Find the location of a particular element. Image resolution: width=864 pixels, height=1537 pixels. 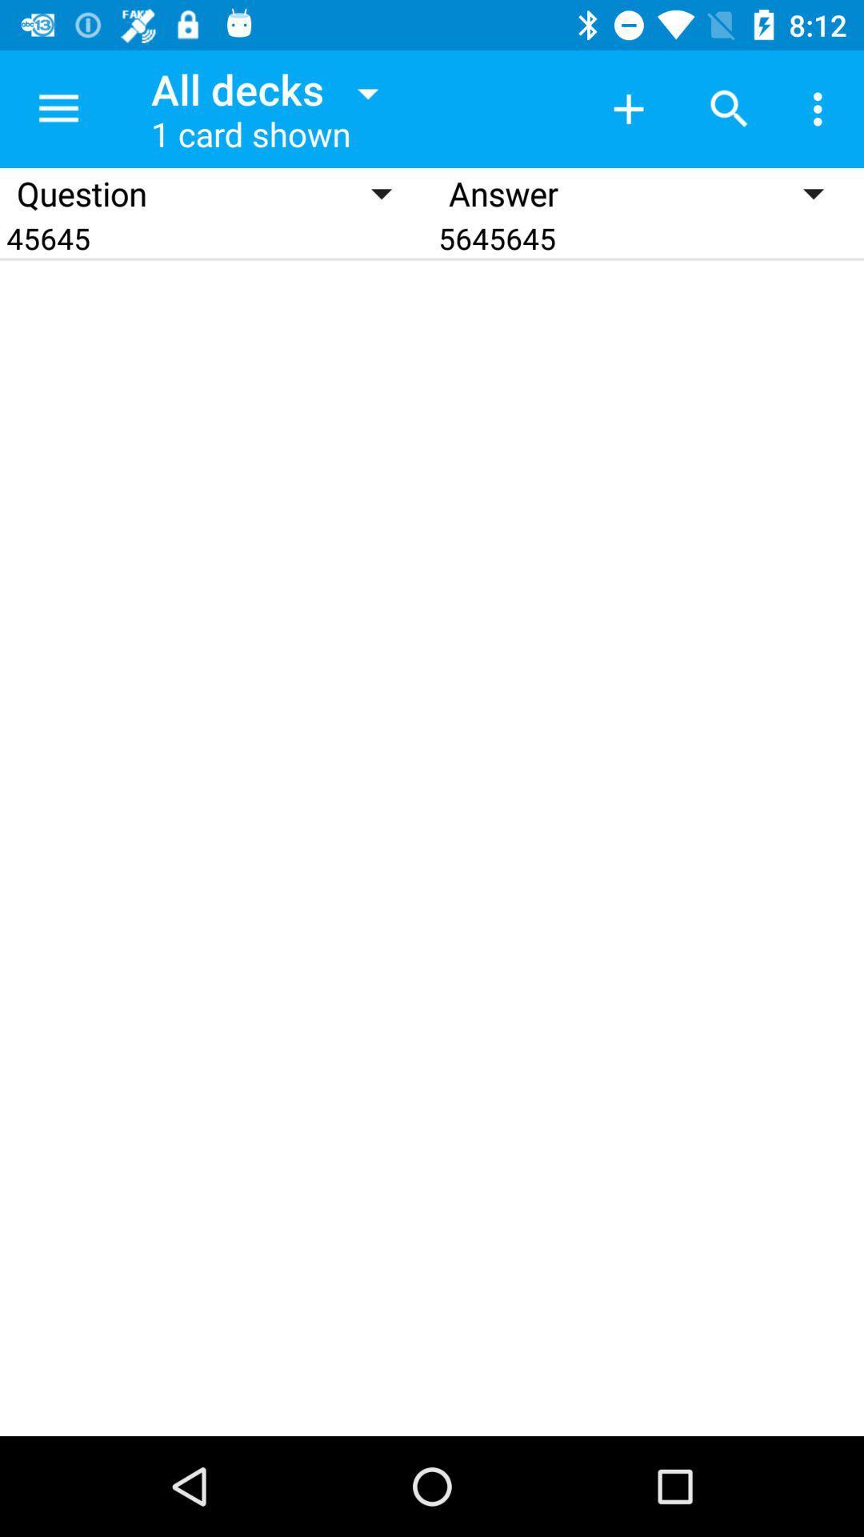

the 5645645 item is located at coordinates (648, 237).